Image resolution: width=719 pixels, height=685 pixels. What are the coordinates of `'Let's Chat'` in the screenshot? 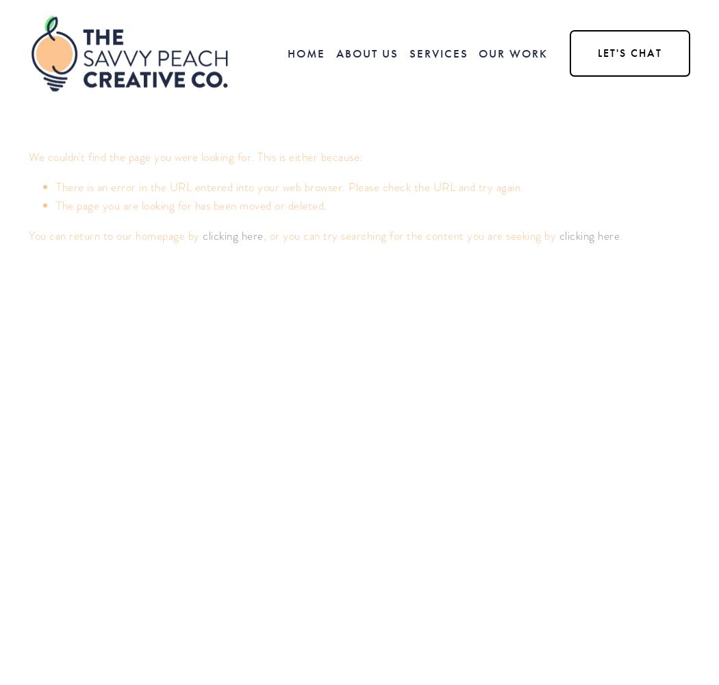 It's located at (629, 53).